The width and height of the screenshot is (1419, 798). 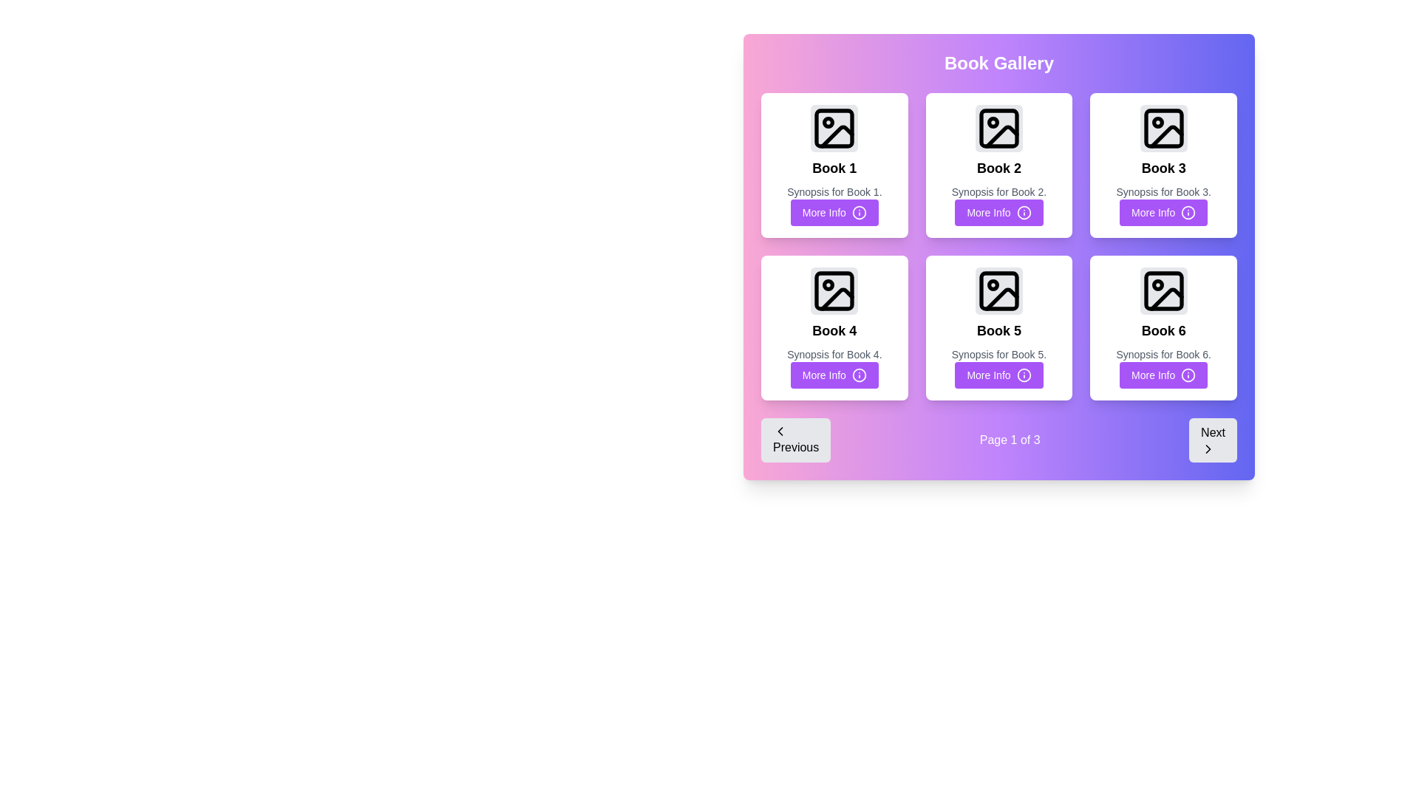 I want to click on the circular SVG graphic inside the 'More Info' button under 'Book 3', so click(x=1188, y=213).